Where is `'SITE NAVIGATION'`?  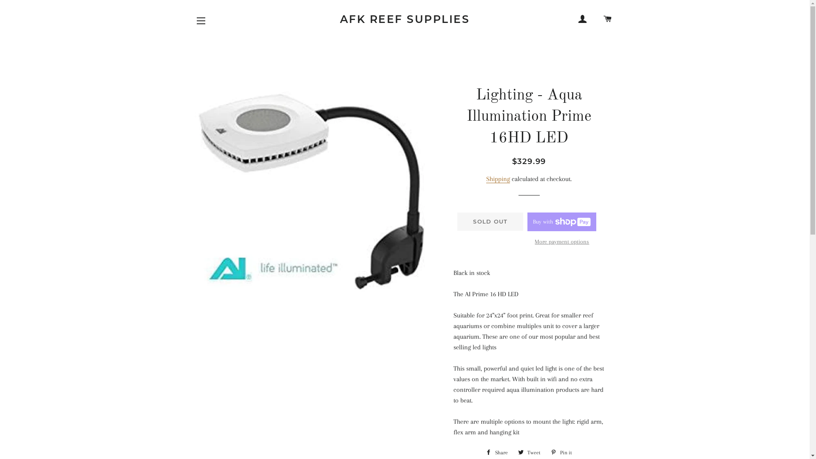
'SITE NAVIGATION' is located at coordinates (201, 20).